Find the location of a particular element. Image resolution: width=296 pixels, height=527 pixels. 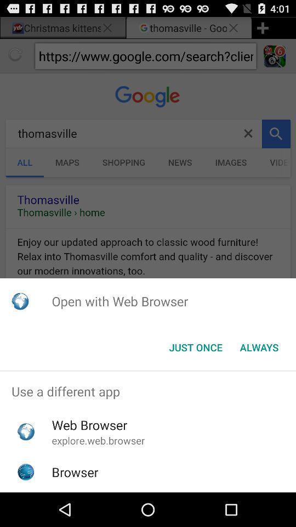

the always item is located at coordinates (259, 347).